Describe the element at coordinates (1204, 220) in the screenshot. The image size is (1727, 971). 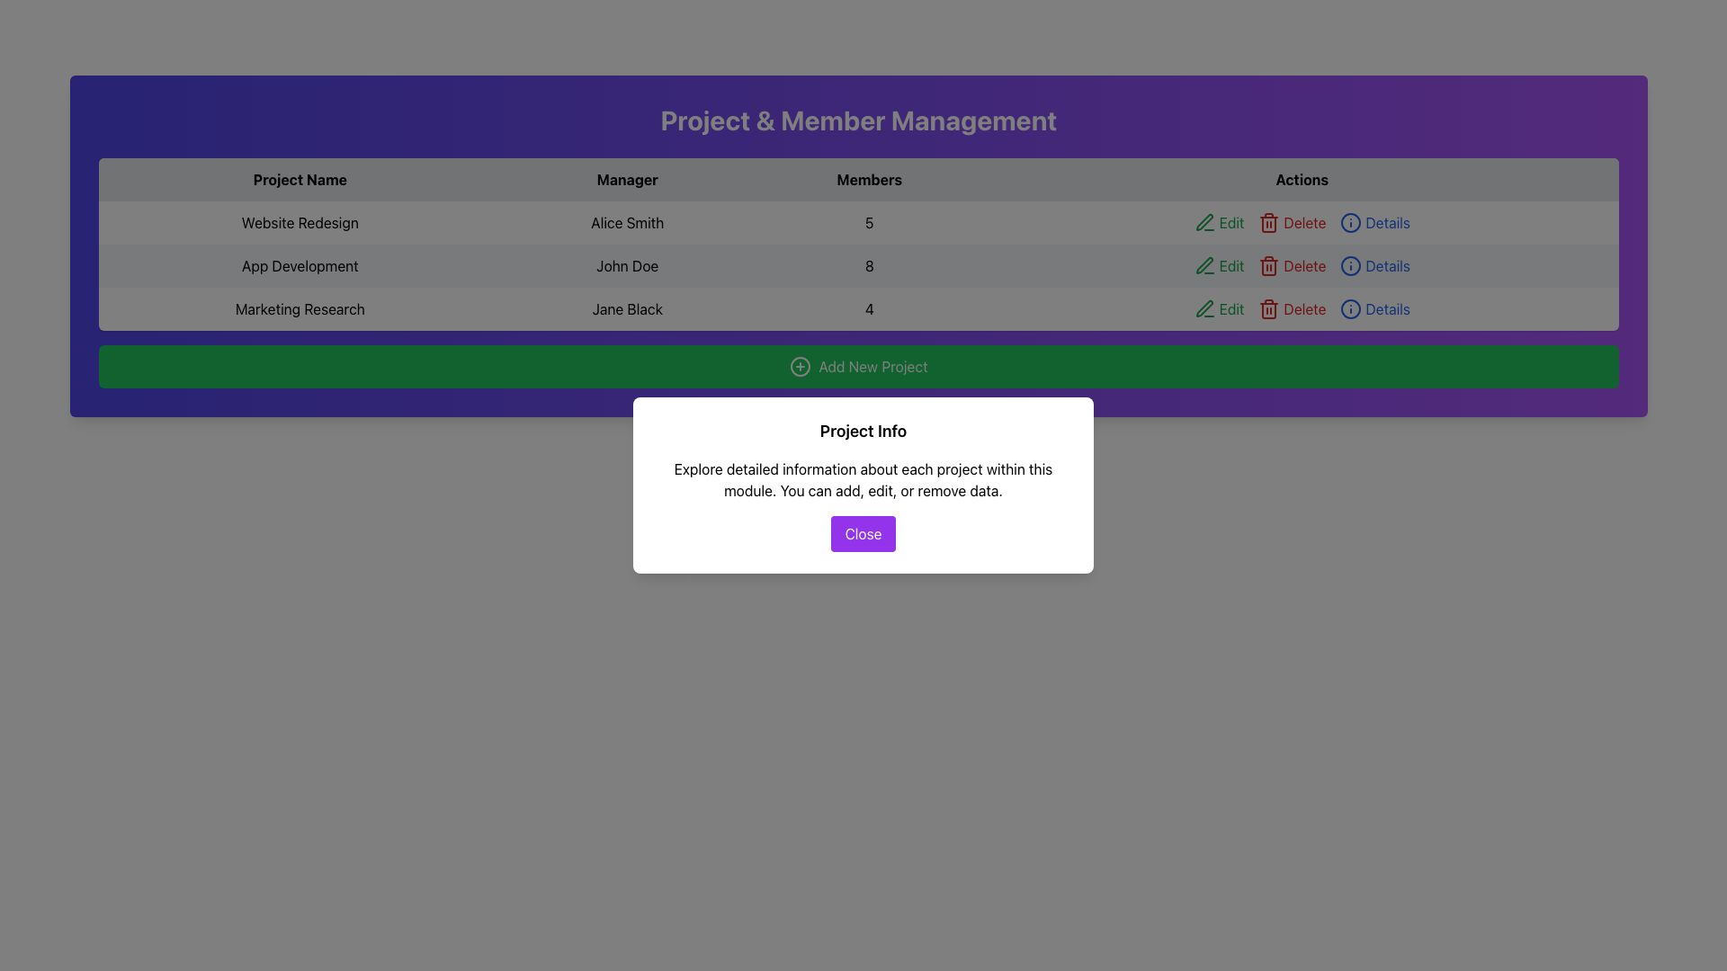
I see `the edit icon (SVG) located in the 'Actions' column of the third row of the table to initiate an edit action` at that location.